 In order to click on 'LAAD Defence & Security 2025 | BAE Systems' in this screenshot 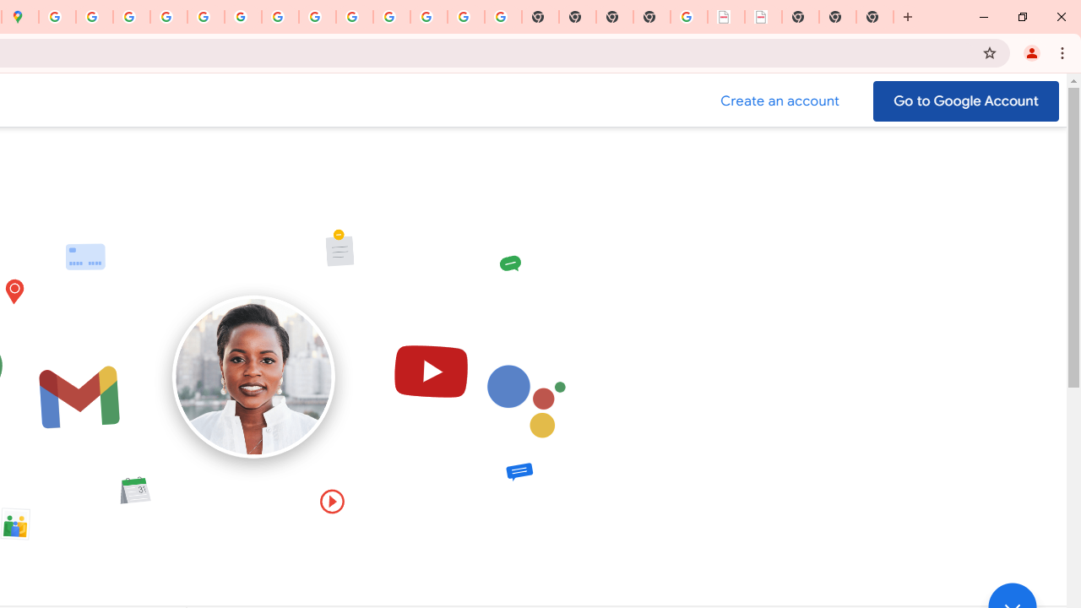, I will do `click(726, 17)`.